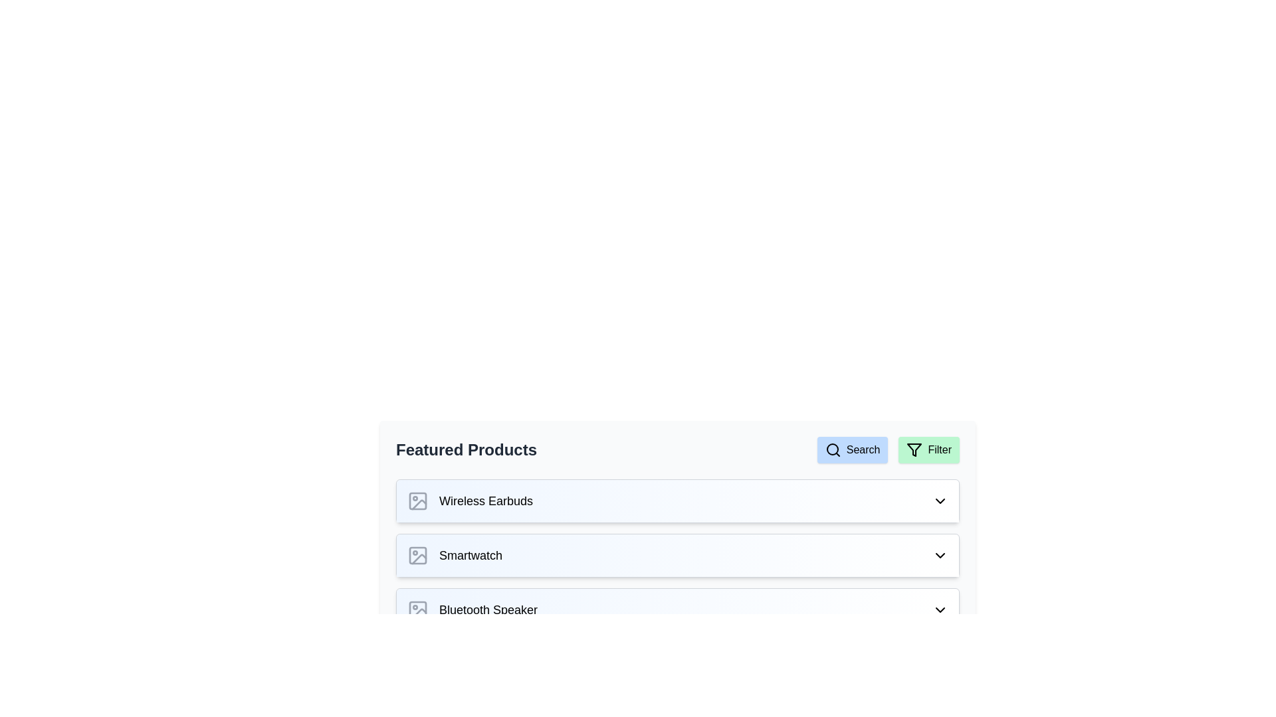 This screenshot has width=1276, height=717. I want to click on the 'Wireless Earbuds' button in the Featured Products section, so click(677, 501).